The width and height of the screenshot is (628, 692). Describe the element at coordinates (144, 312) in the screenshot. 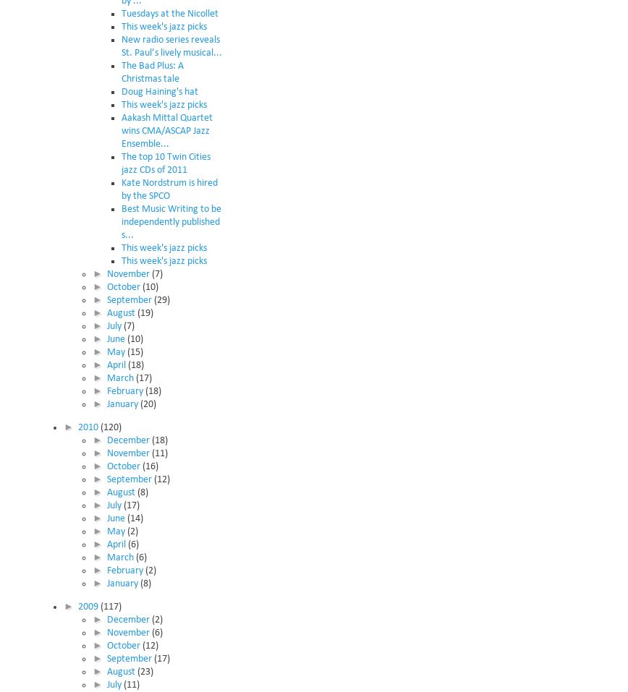

I see `'(19)'` at that location.